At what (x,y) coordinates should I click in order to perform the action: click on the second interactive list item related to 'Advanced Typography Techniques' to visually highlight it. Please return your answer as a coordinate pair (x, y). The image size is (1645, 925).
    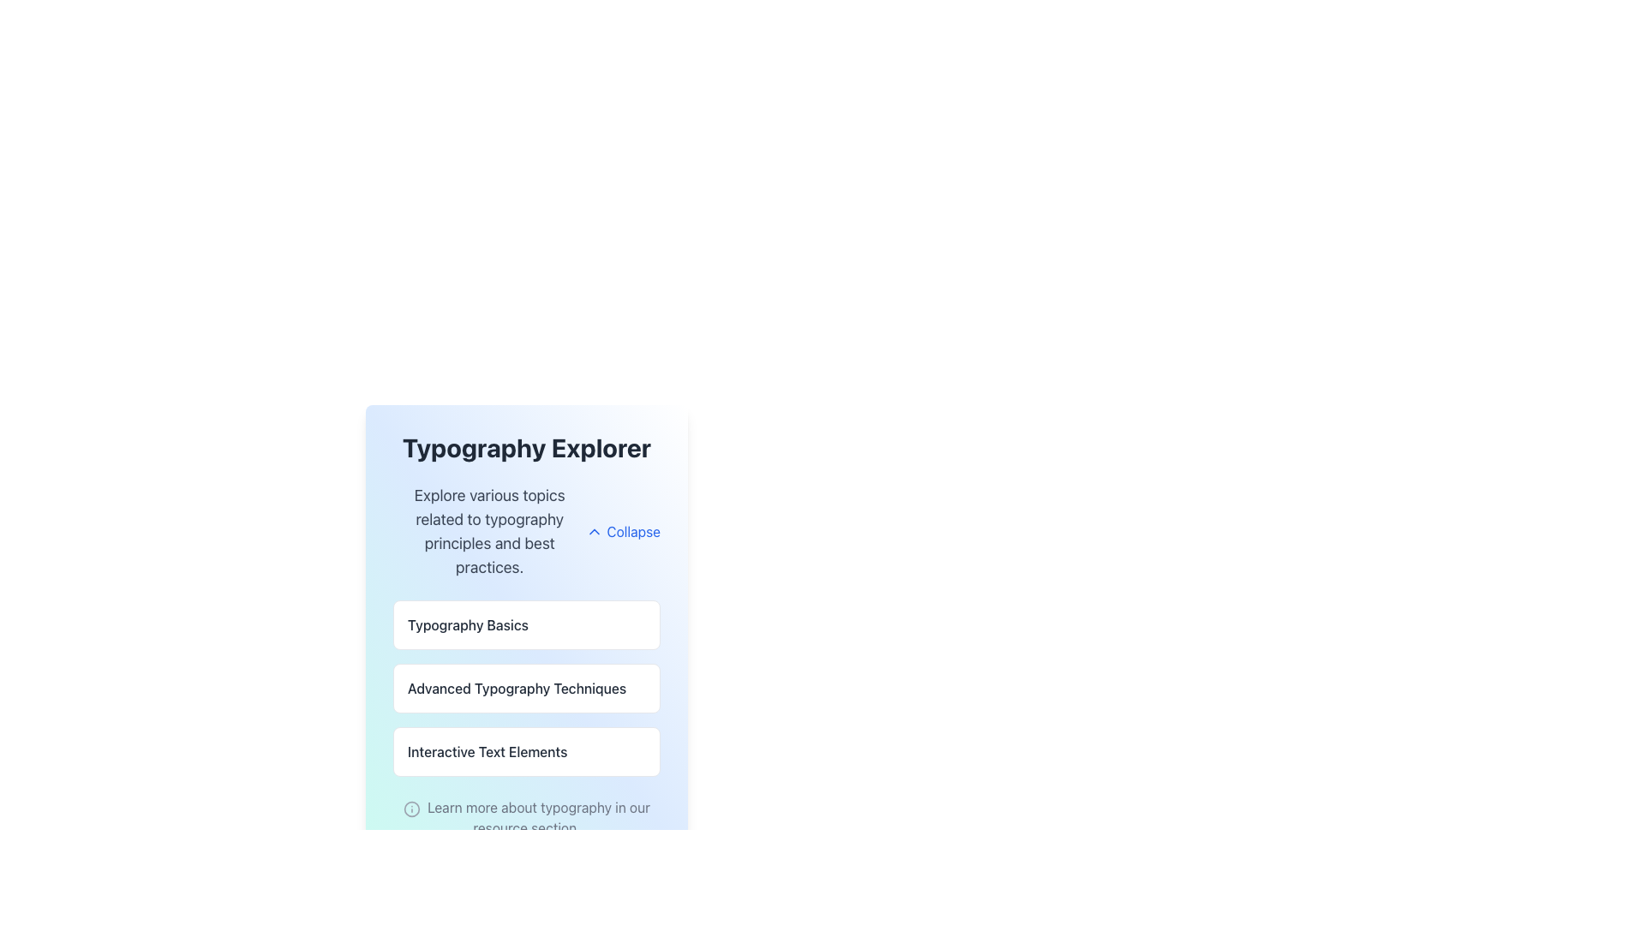
    Looking at the image, I should click on (525, 687).